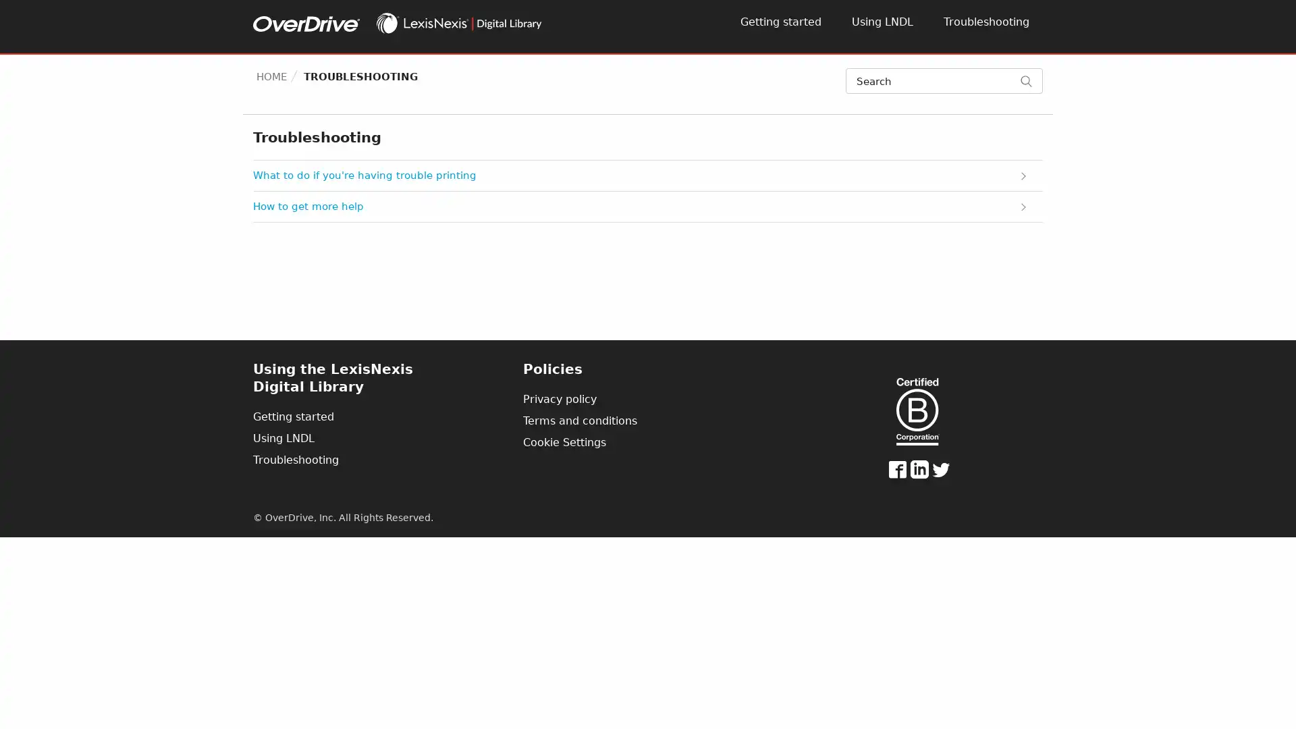 This screenshot has height=729, width=1296. What do you see at coordinates (1031, 80) in the screenshot?
I see `Search` at bounding box center [1031, 80].